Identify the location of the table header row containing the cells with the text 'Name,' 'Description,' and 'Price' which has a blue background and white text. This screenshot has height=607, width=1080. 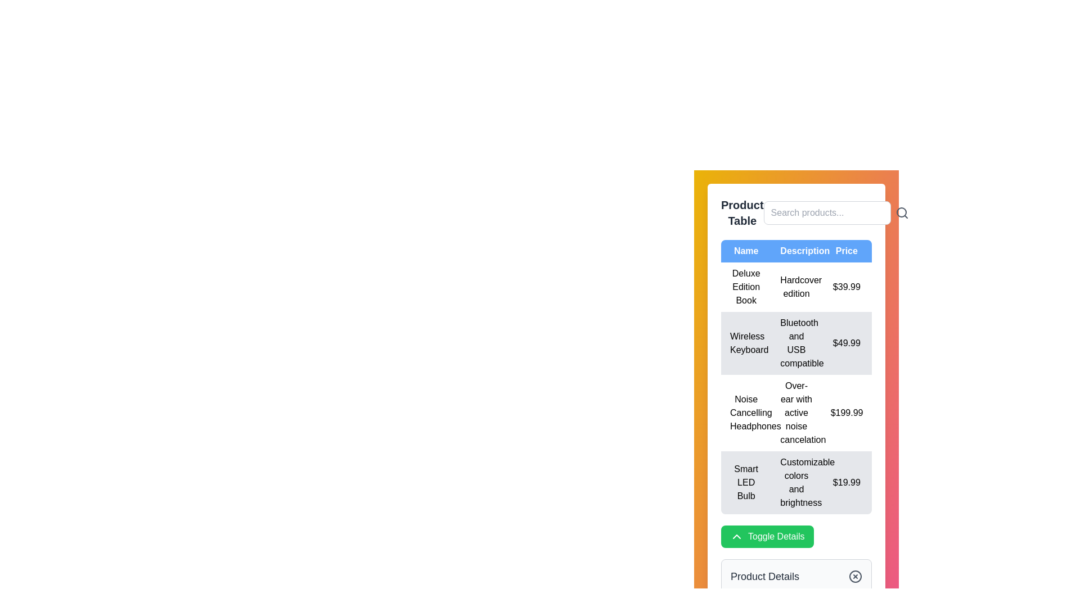
(796, 251).